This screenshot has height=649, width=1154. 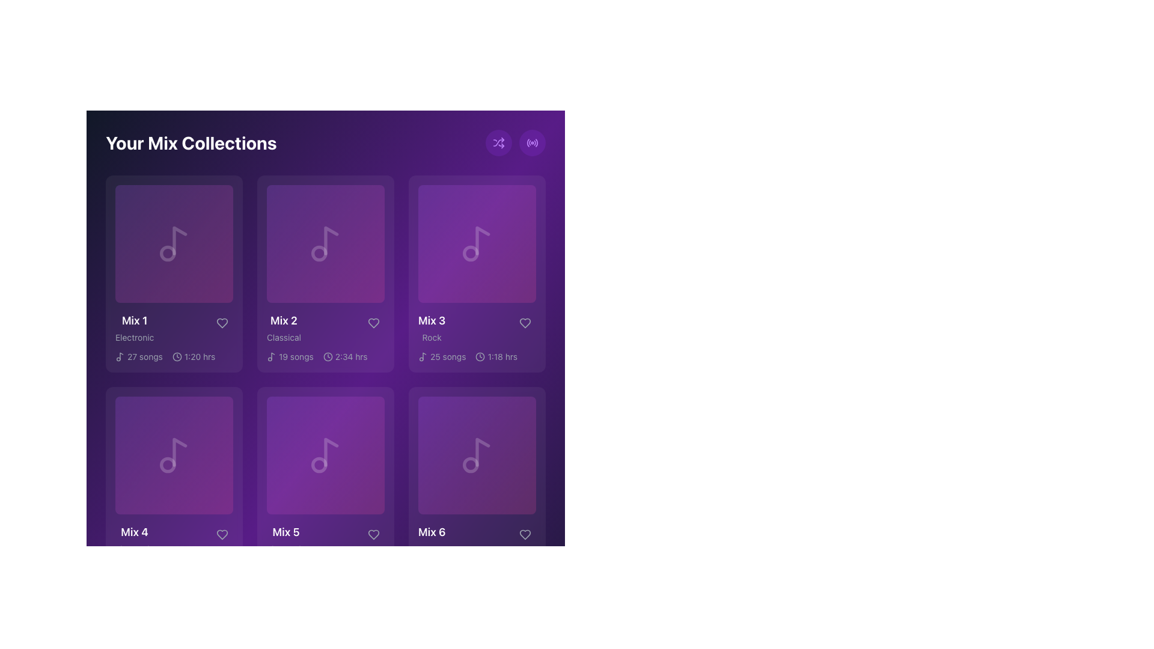 What do you see at coordinates (432, 328) in the screenshot?
I see `the text element displaying 'Mix 3' and 'Rock', which is styled with a bold white font for the title and a smaller gray font for the subtitle, located in the third column of the first row of the music collection item` at bounding box center [432, 328].